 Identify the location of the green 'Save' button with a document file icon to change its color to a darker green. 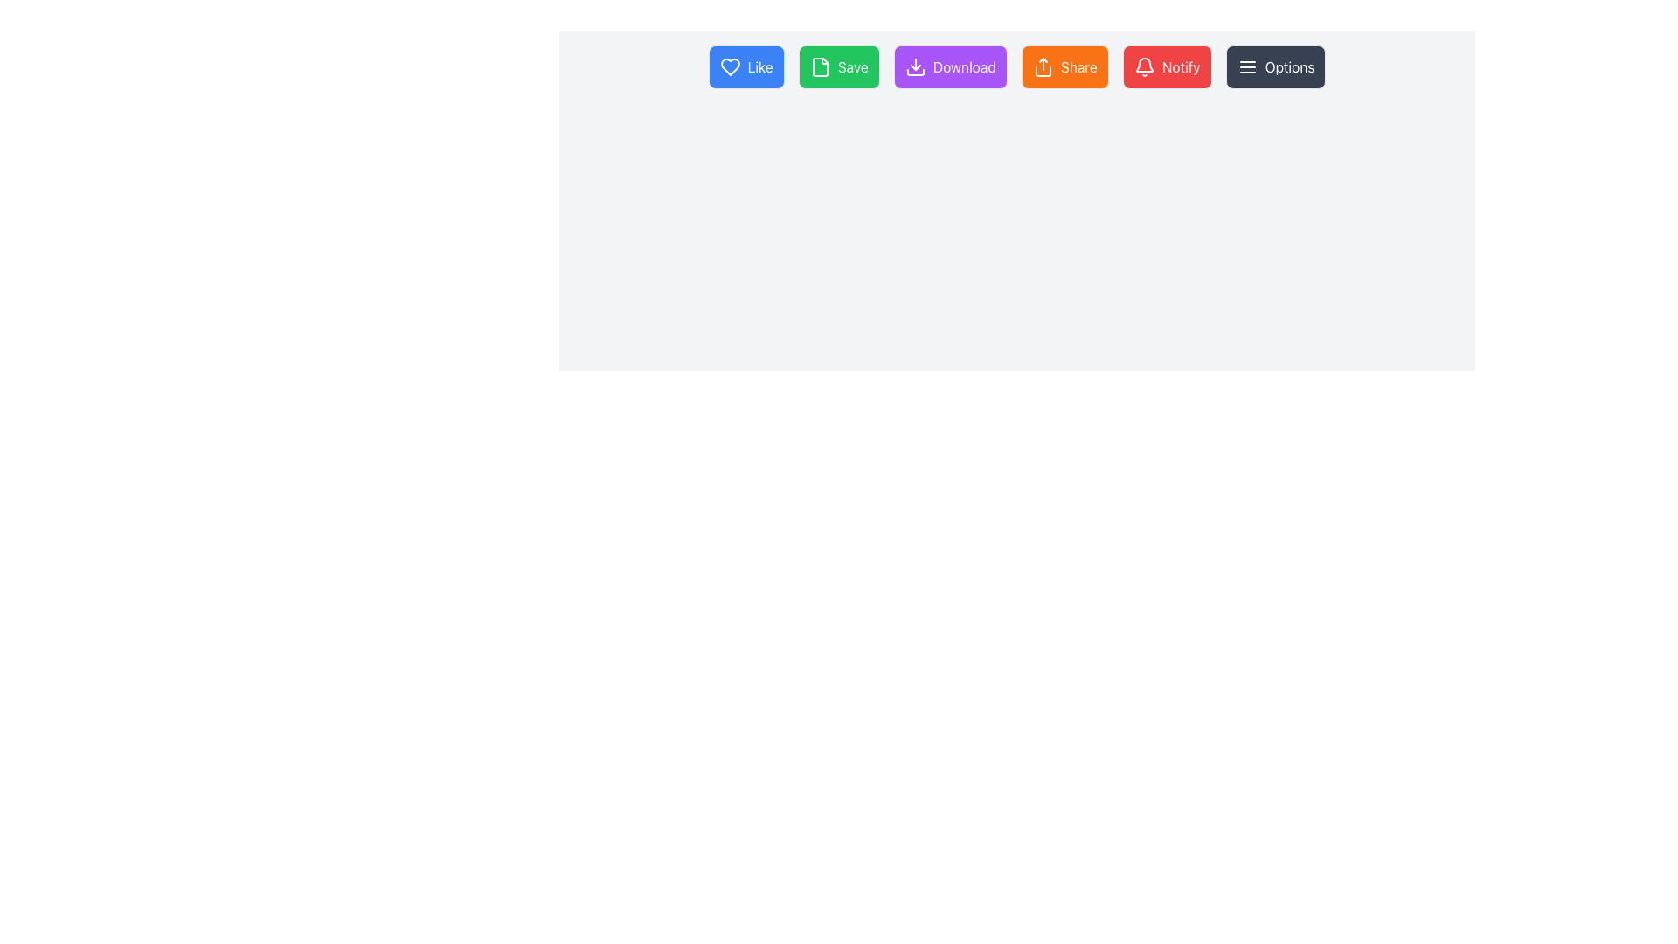
(839, 66).